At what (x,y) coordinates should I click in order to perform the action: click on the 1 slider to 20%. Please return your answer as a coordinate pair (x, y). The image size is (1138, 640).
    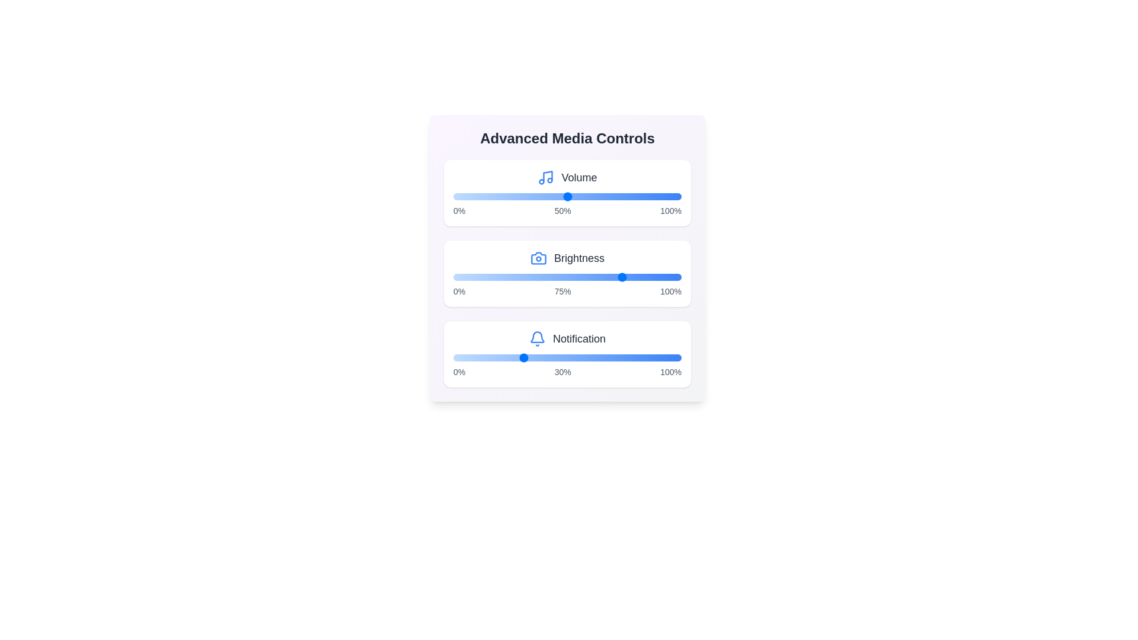
    Looking at the image, I should click on (498, 277).